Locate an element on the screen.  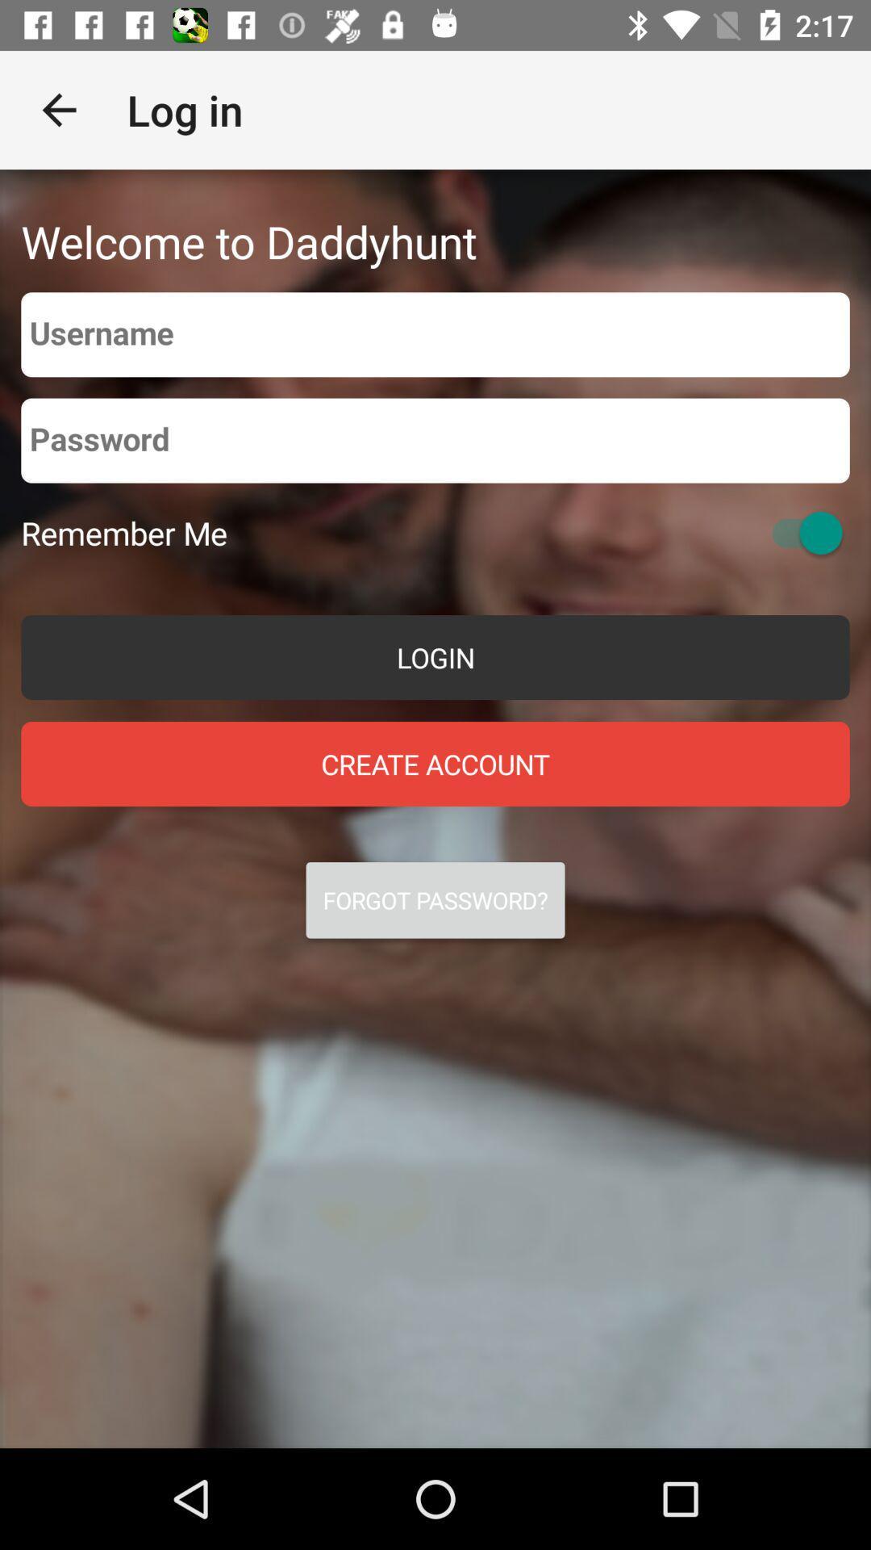
login item is located at coordinates (435, 657).